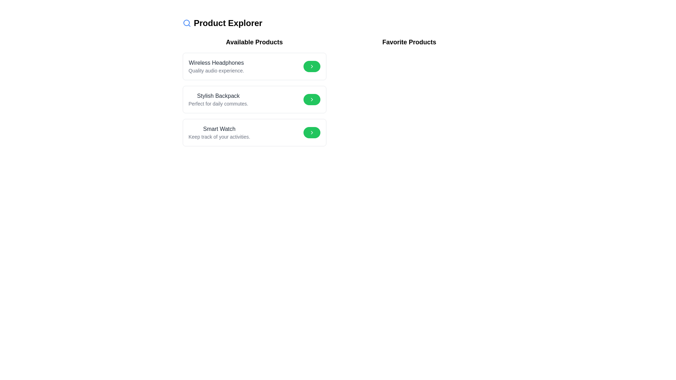 The width and height of the screenshot is (676, 380). I want to click on text content displaying 'Stylish Backpack' and 'Perfect for daily commutes.' positioned in the second item of the 'Available Products' section, so click(218, 99).